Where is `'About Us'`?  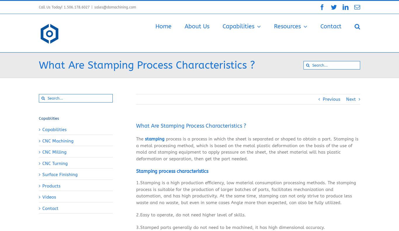 'About Us' is located at coordinates (197, 26).